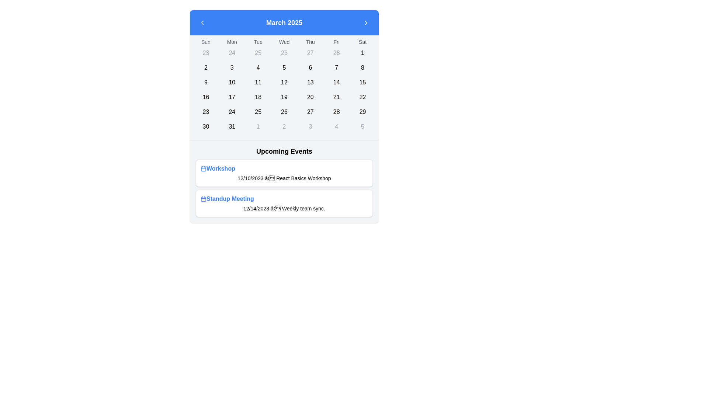 Image resolution: width=708 pixels, height=398 pixels. Describe the element at coordinates (232, 112) in the screenshot. I see `the selectable date '24' in the calendar interface` at that location.